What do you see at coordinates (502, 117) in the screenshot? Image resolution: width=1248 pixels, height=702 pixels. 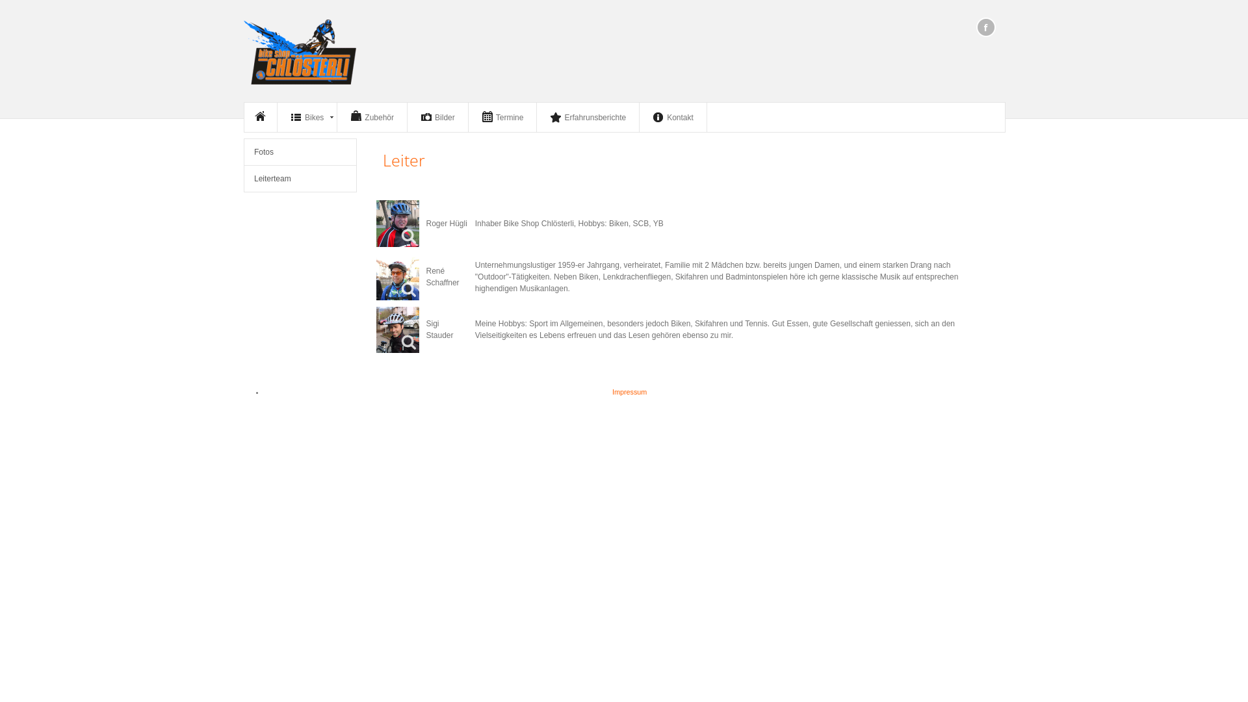 I see `'Termine'` at bounding box center [502, 117].